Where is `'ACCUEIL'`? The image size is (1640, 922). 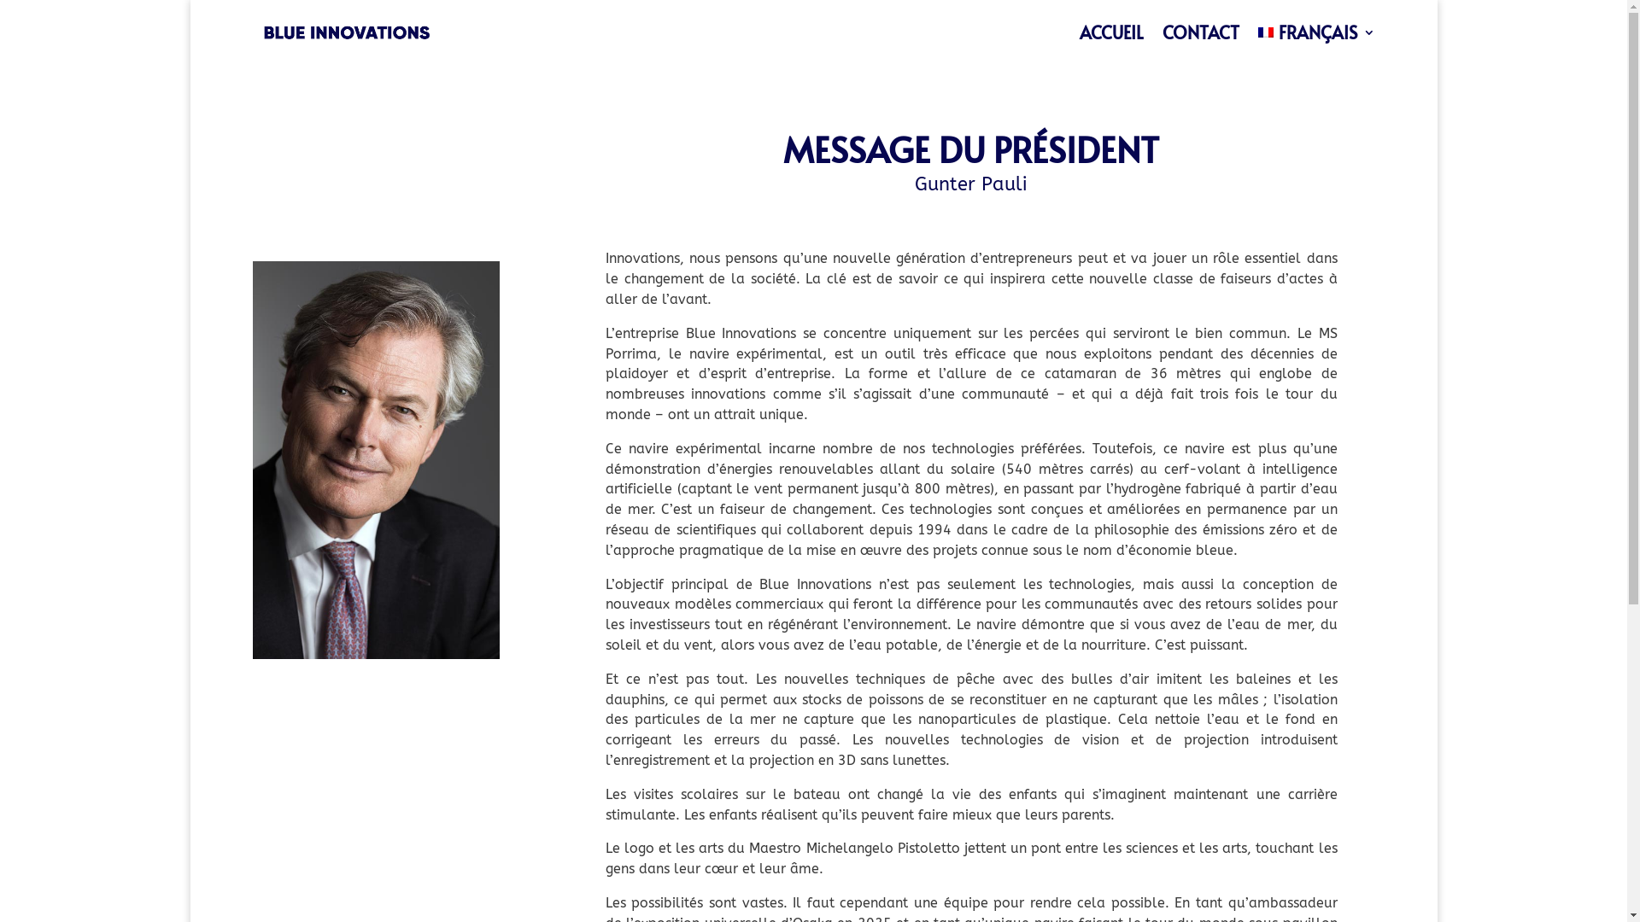 'ACCUEIL' is located at coordinates (1111, 32).